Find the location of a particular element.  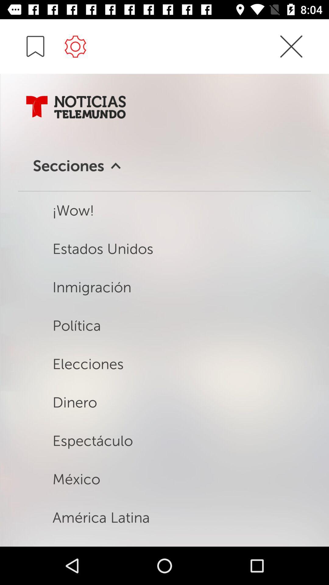

the bookmark icon is located at coordinates (37, 107).